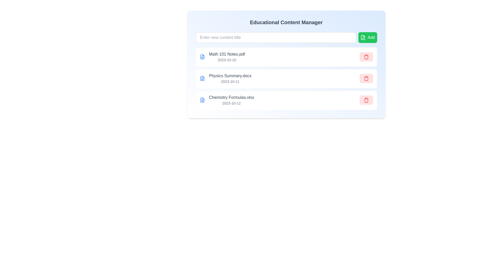  I want to click on the file name 'Math 101 Notes.pdf' in the list item card, so click(286, 57).